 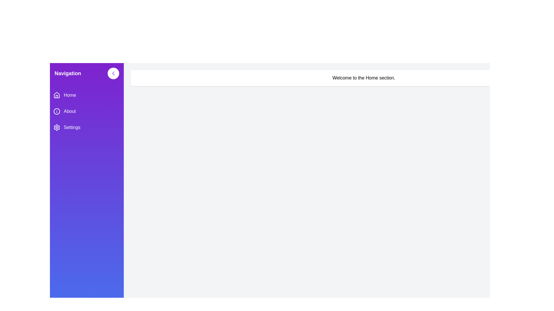 I want to click on the house-shaped icon located in the first row of the navigation sidebar, to the left of the 'Home' text label, so click(x=57, y=95).